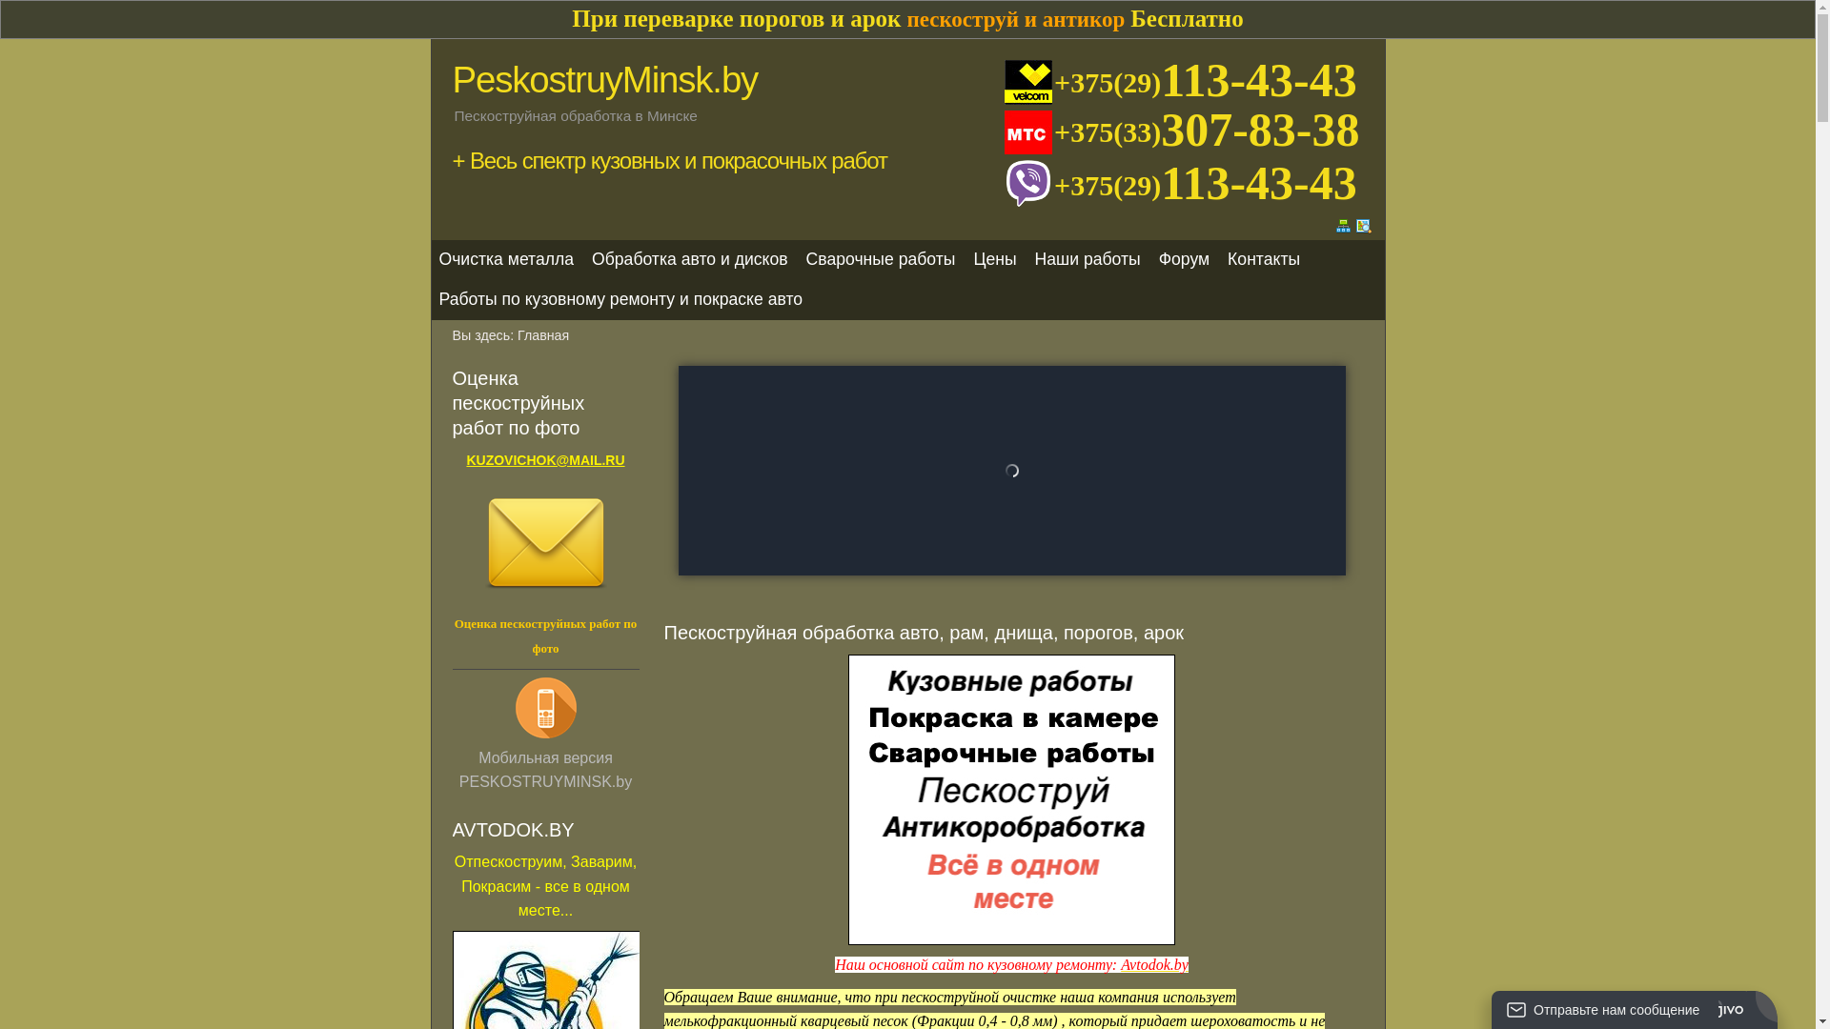  I want to click on 'Avtodok.by', so click(1153, 964).